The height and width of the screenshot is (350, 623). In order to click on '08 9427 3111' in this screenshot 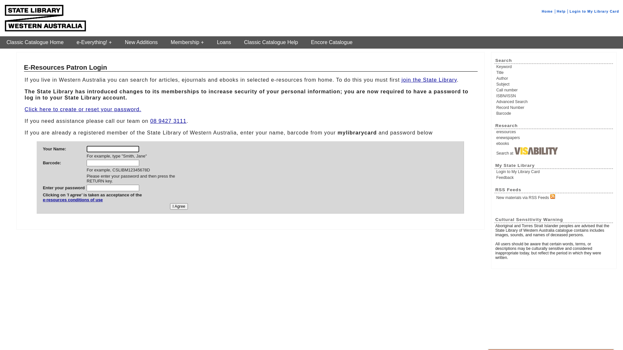, I will do `click(168, 121)`.